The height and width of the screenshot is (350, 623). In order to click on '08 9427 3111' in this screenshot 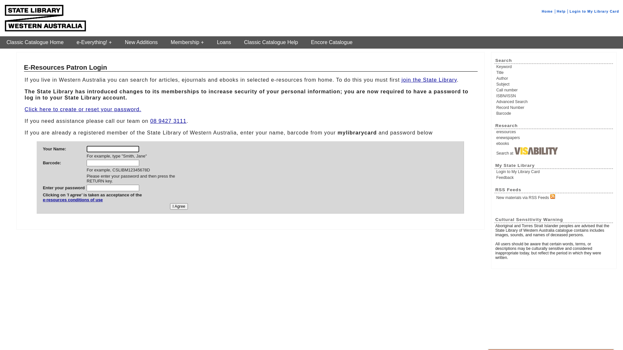, I will do `click(168, 121)`.